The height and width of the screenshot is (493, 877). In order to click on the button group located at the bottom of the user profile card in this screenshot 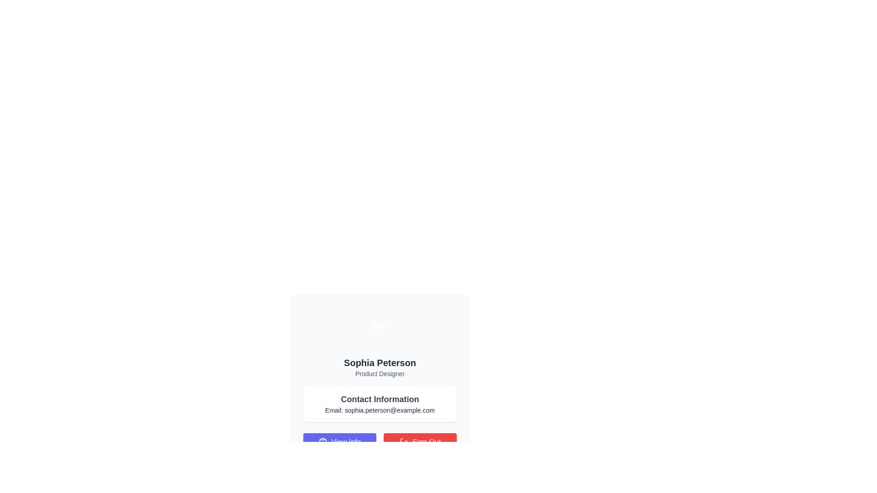, I will do `click(380, 441)`.